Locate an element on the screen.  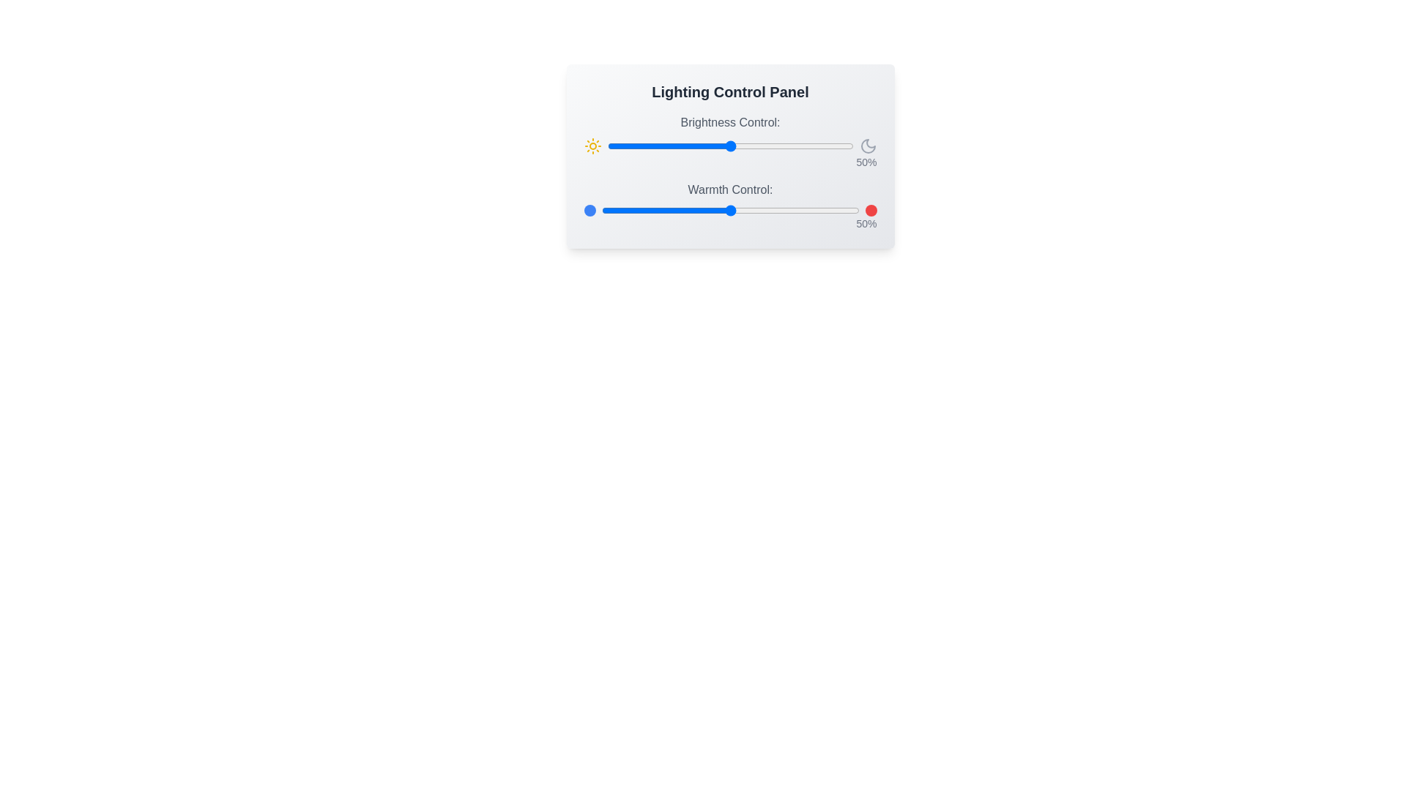
brightness is located at coordinates (636, 146).